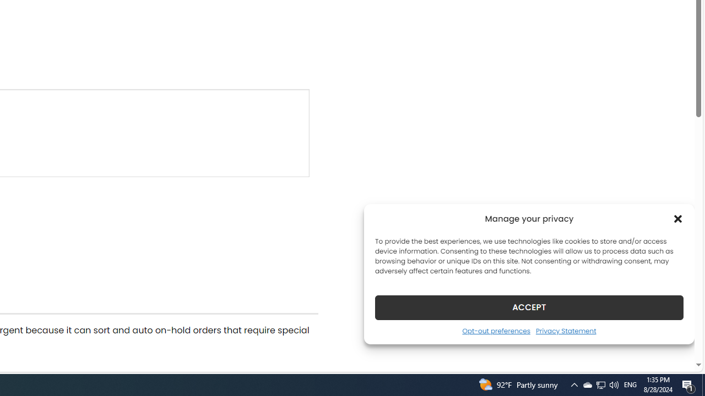  Describe the element at coordinates (566, 330) in the screenshot. I see `'Privacy Statement'` at that location.